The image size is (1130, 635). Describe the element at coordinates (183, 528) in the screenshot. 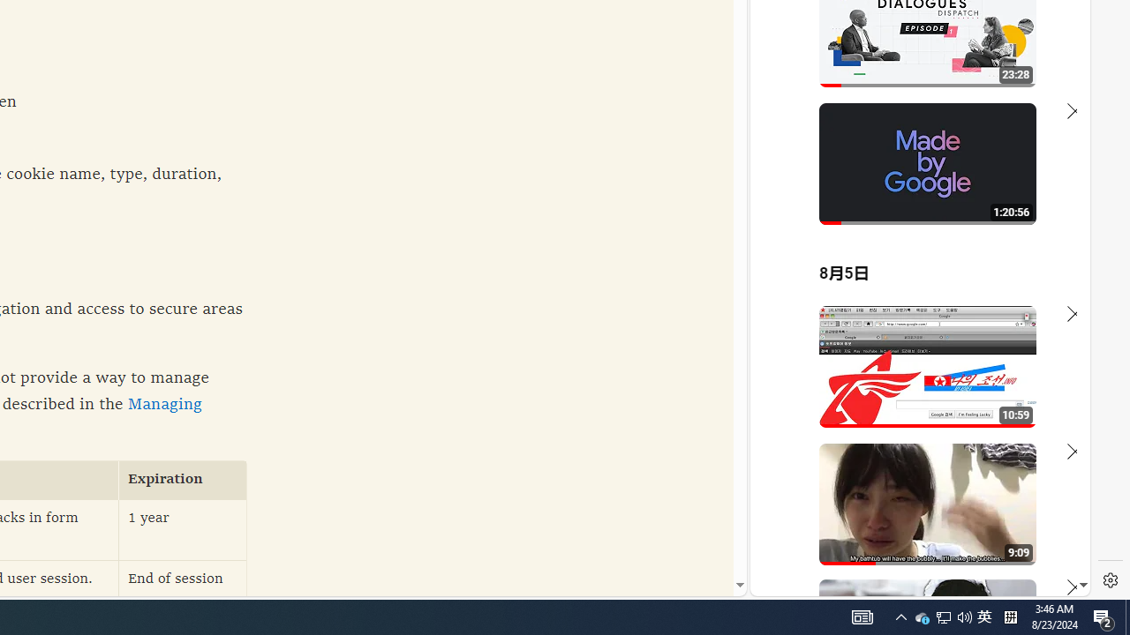

I see `'1 year'` at that location.